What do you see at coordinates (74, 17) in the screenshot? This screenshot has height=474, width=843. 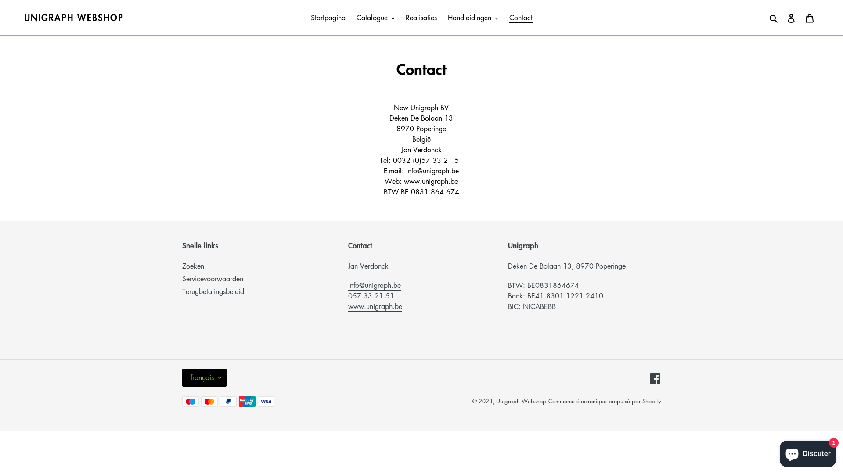 I see `'UNIGRAPH WEBSHOP'` at bounding box center [74, 17].